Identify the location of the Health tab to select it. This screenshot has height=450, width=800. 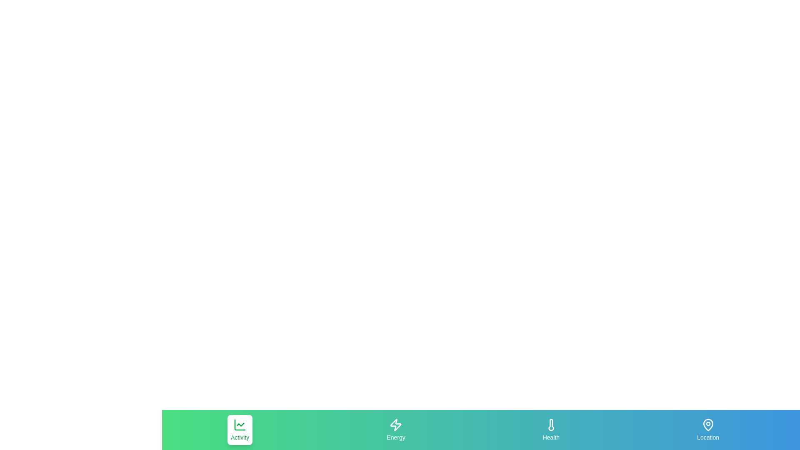
(551, 430).